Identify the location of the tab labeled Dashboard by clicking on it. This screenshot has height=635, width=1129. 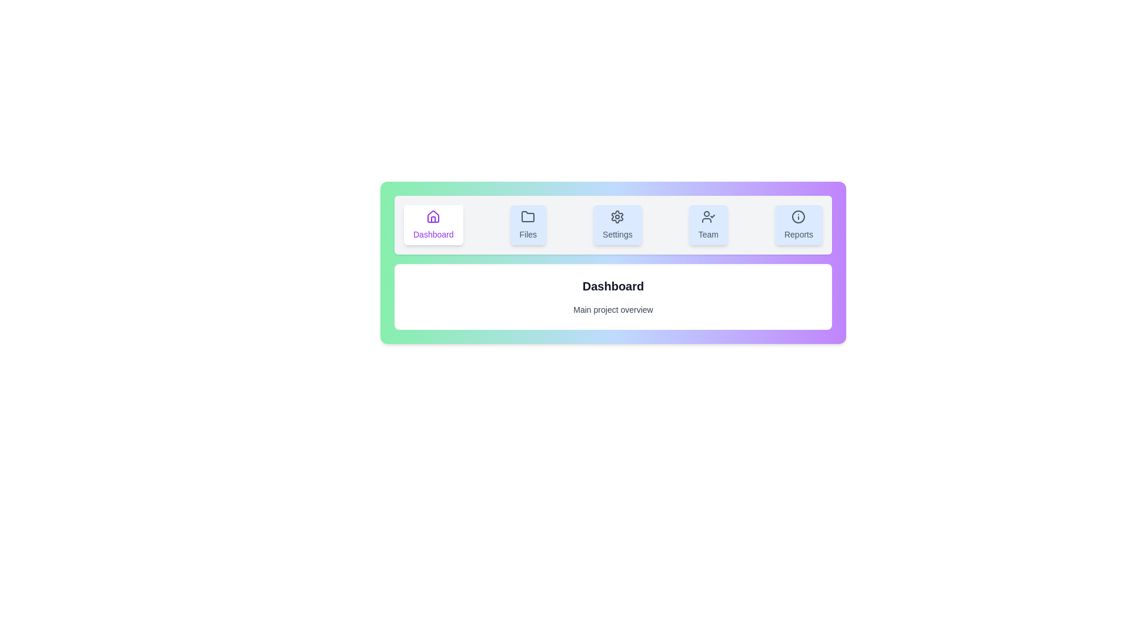
(433, 225).